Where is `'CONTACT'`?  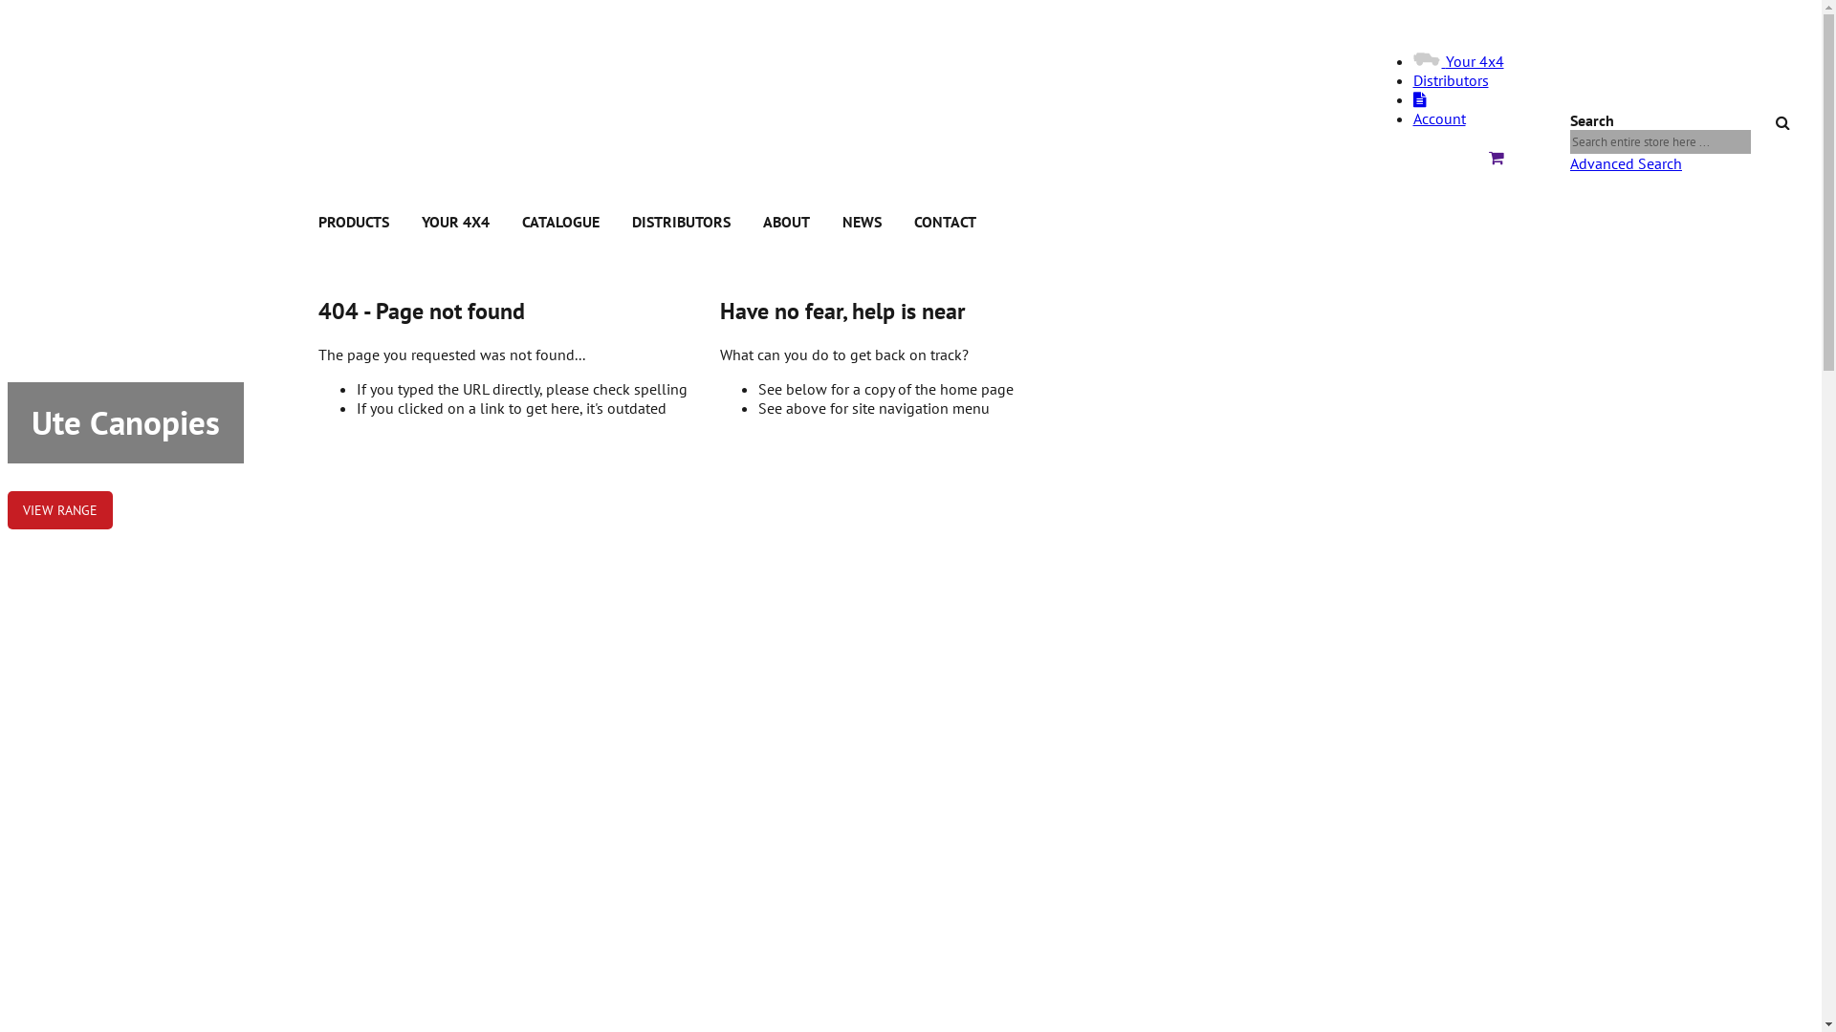 'CONTACT' is located at coordinates (945, 221).